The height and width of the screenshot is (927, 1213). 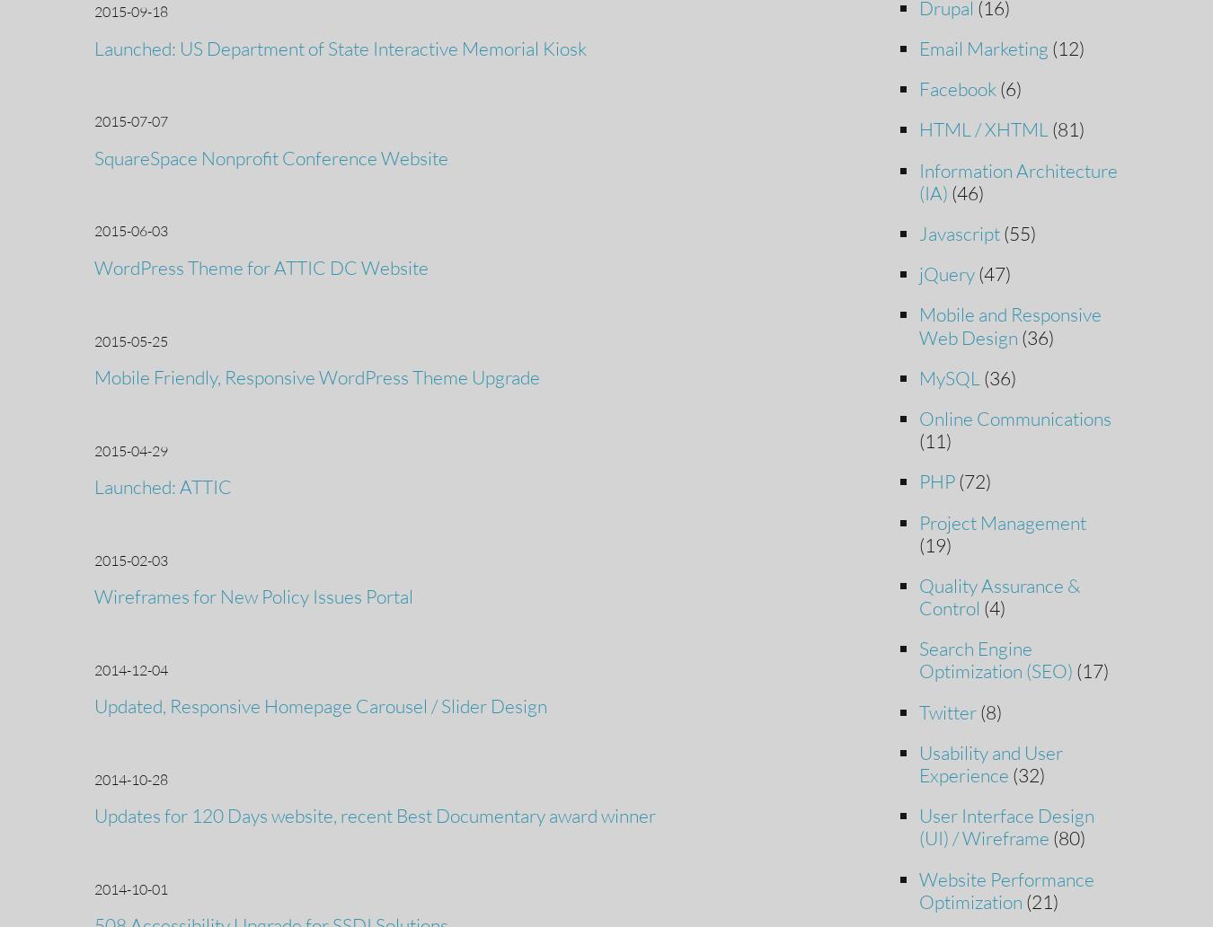 I want to click on '2015-06-03', so click(x=93, y=229).